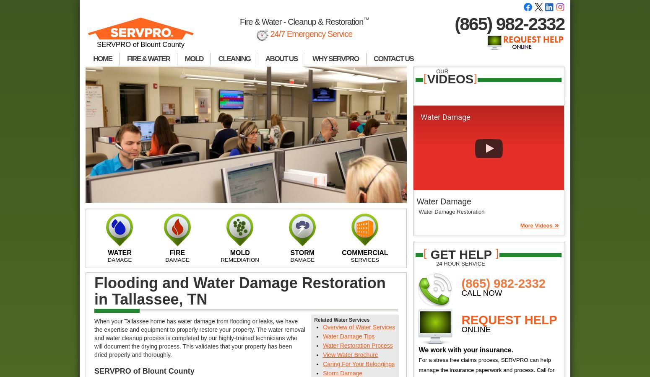 This screenshot has height=377, width=650. What do you see at coordinates (301, 21) in the screenshot?
I see `'Fire & Water - Cleanup & Restoration'` at bounding box center [301, 21].